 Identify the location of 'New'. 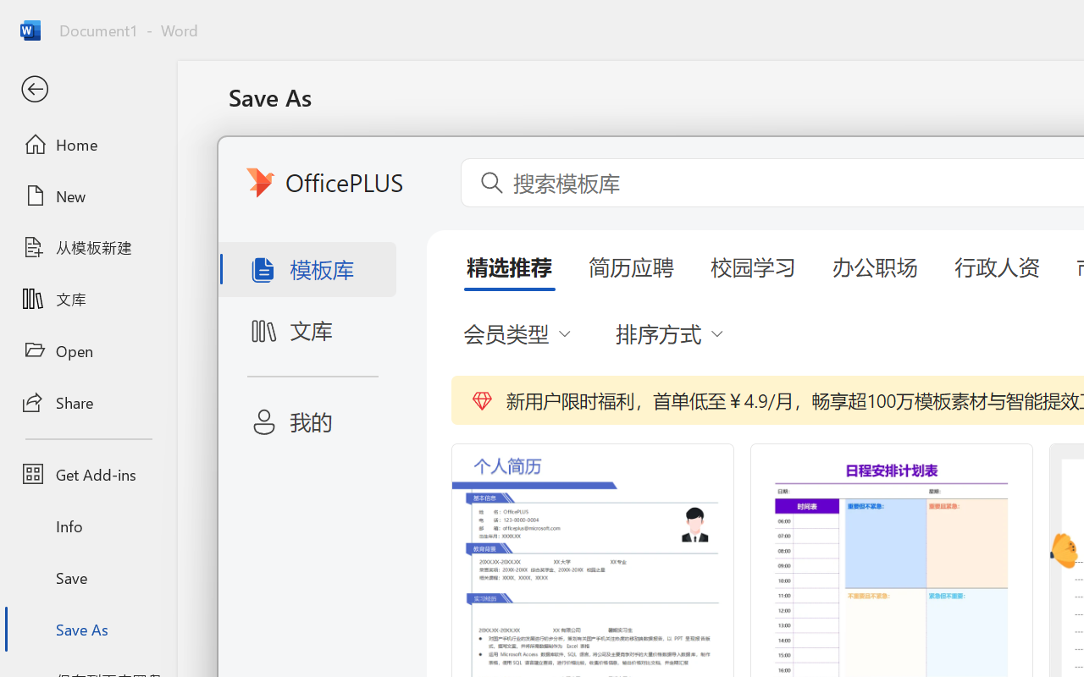
(87, 195).